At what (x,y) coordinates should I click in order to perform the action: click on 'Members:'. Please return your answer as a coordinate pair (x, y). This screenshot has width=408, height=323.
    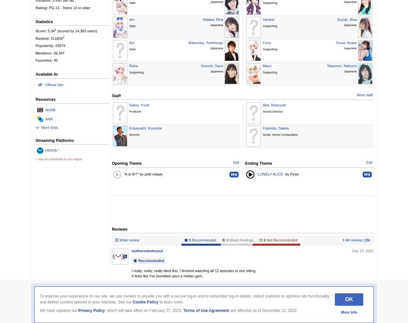
    Looking at the image, I should click on (35, 53).